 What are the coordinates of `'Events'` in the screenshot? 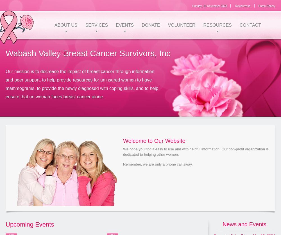 It's located at (116, 25).